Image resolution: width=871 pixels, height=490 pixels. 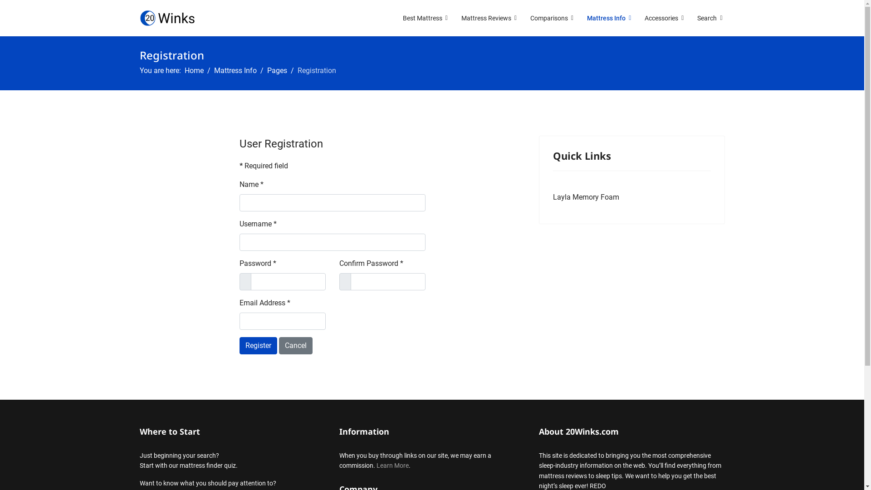 What do you see at coordinates (276, 70) in the screenshot?
I see `'Pages'` at bounding box center [276, 70].